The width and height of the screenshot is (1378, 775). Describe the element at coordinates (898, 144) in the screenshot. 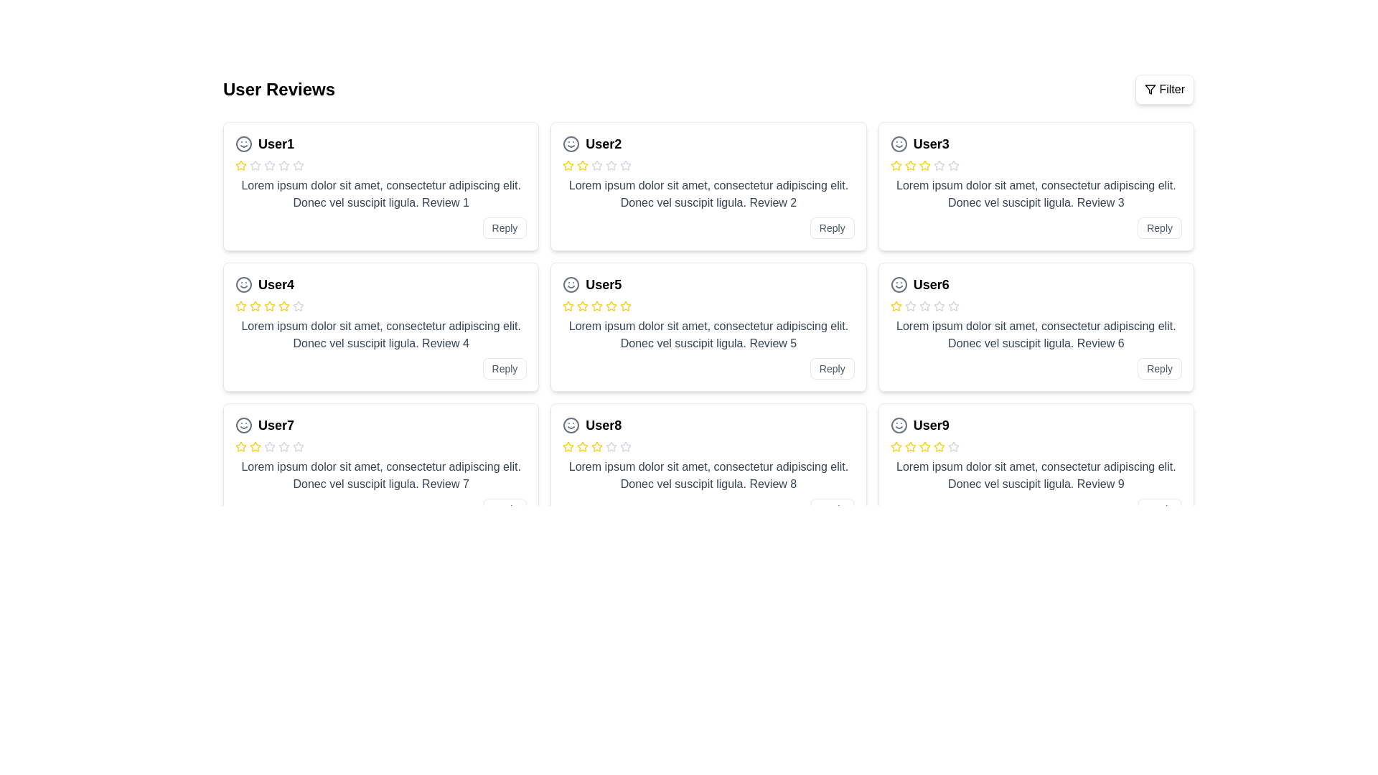

I see `the circular graphical icon representing 'User3' in the top-right user review card, positioned adjacent to the label 'User3'` at that location.